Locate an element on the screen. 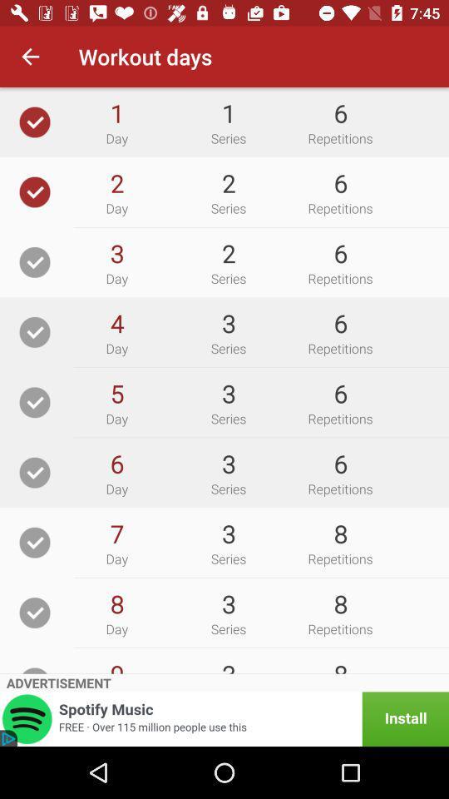  the item below advertisement icon is located at coordinates (224, 718).